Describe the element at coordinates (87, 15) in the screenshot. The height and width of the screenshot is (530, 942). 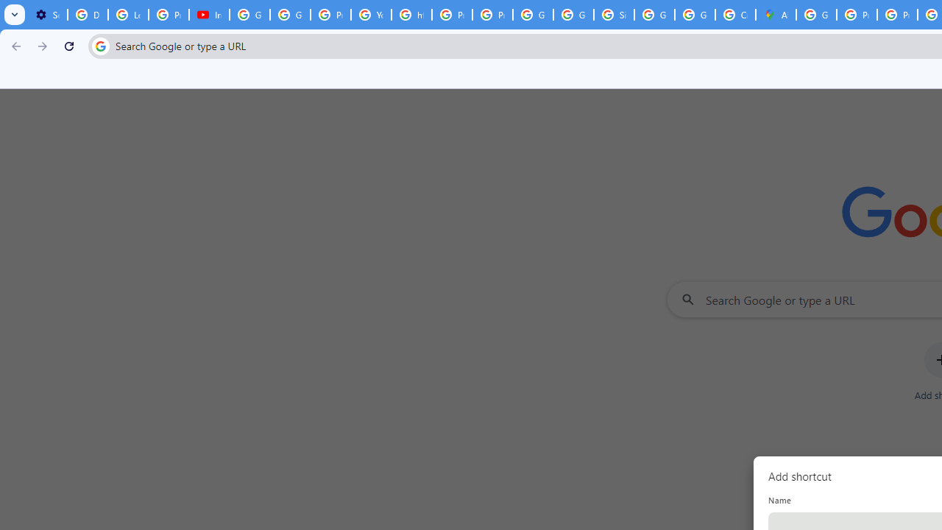
I see `'Delete photos & videos - Computer - Google Photos Help'` at that location.